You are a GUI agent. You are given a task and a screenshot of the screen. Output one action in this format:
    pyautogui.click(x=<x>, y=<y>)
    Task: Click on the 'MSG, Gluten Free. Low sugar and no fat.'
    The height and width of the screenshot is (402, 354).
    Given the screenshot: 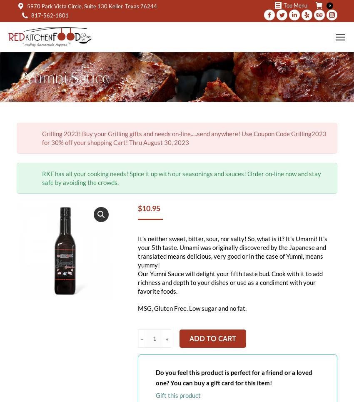 What is the action you would take?
    pyautogui.click(x=192, y=307)
    